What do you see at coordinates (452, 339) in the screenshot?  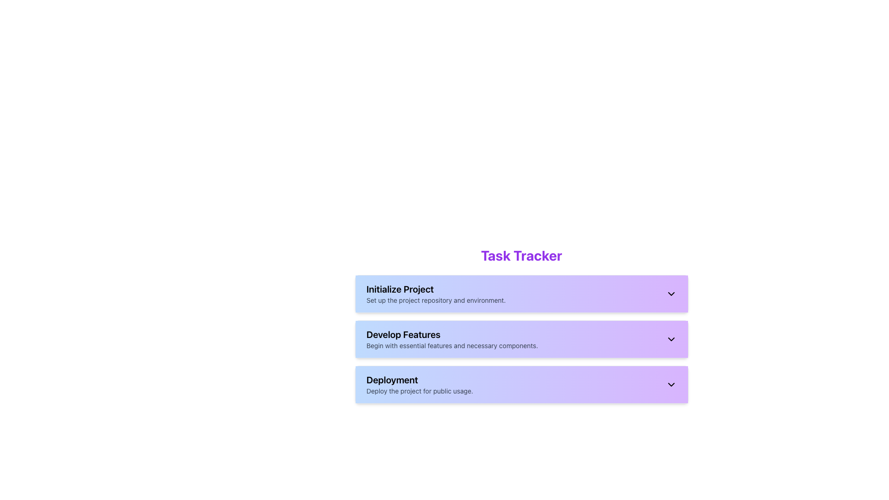 I see `the Text Display element that shows 'Develop Features' in bold with the subtitle 'Begin with essential features and necessary components.'` at bounding box center [452, 339].